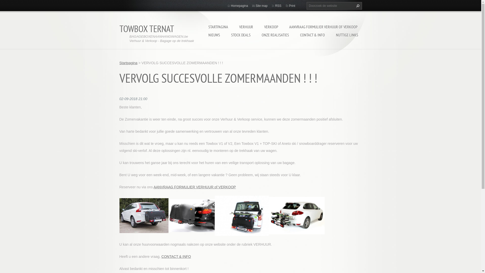 The image size is (485, 273). What do you see at coordinates (246, 27) in the screenshot?
I see `'VERHUUR'` at bounding box center [246, 27].